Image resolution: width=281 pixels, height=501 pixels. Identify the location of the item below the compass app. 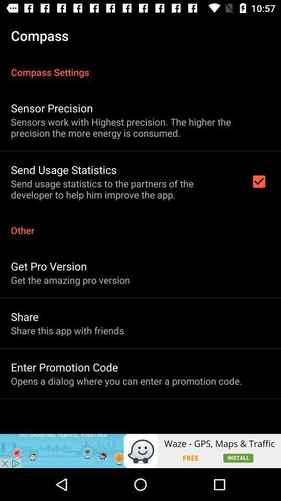
(140, 66).